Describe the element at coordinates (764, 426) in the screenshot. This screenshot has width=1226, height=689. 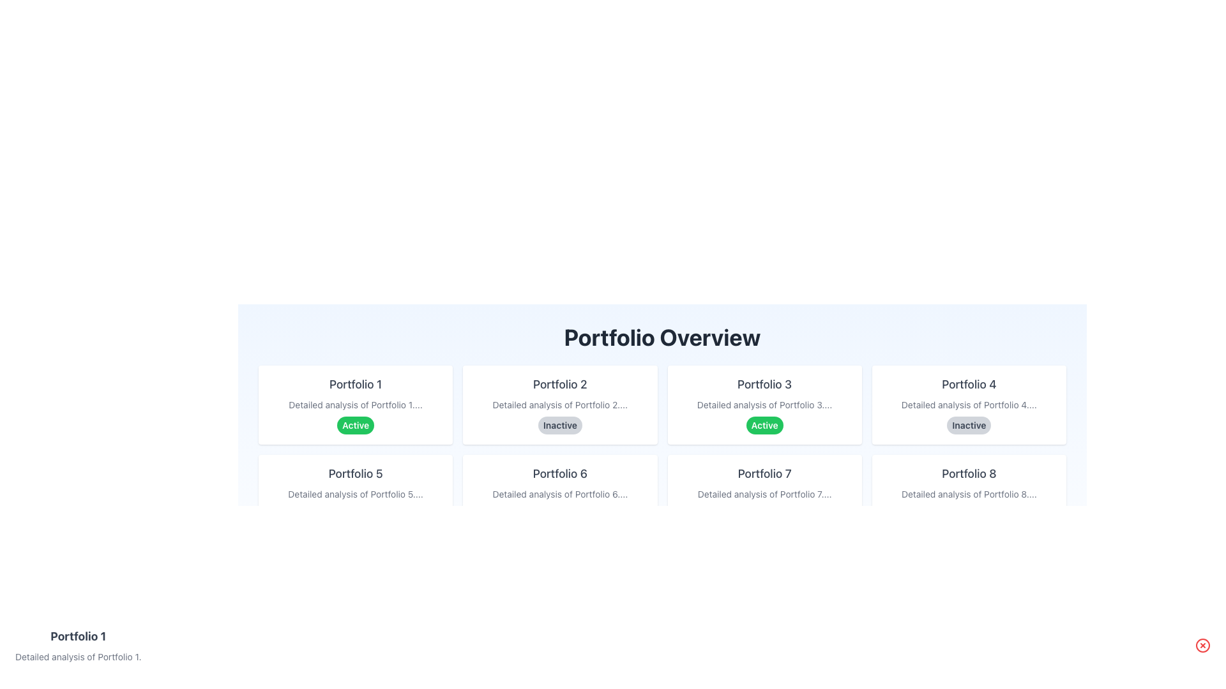
I see `the Status Indicator for 'Portfolio 3' located at the bottom of its card` at that location.